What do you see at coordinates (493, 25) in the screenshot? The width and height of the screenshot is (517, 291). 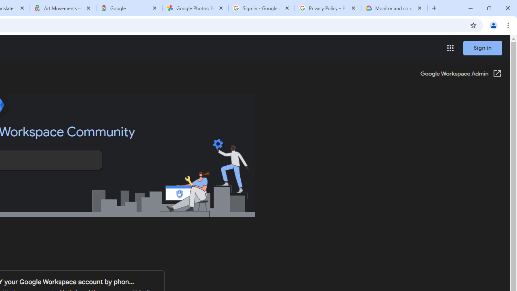 I see `'You'` at bounding box center [493, 25].